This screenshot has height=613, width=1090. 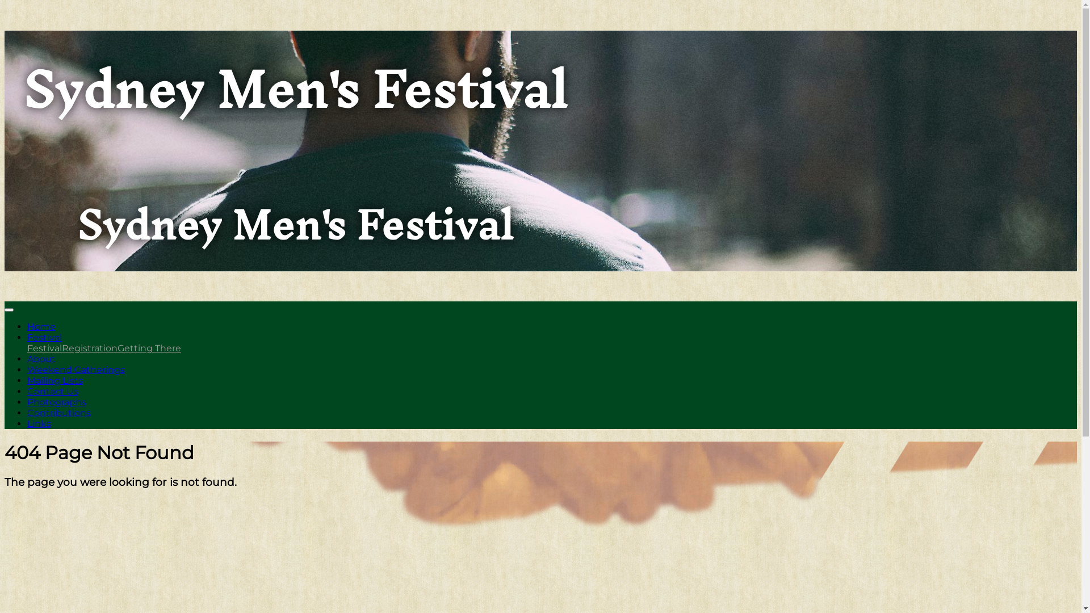 I want to click on 'Contributions', so click(x=58, y=413).